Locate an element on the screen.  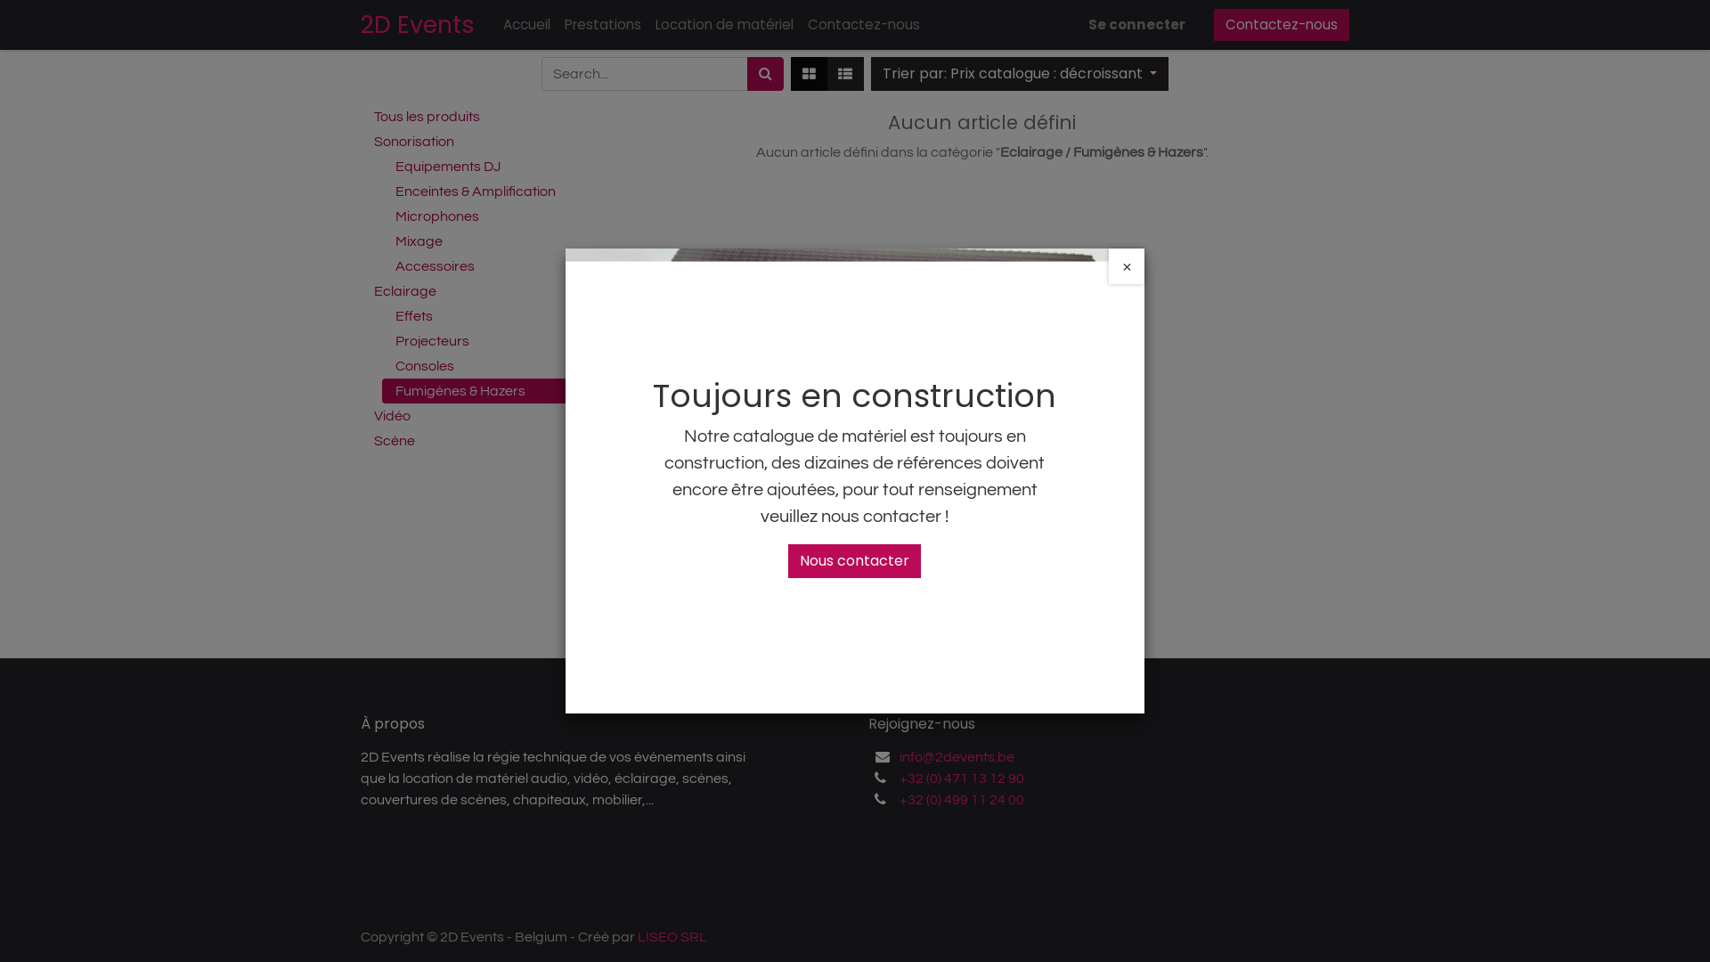
'Contactez-nous' is located at coordinates (1281, 25).